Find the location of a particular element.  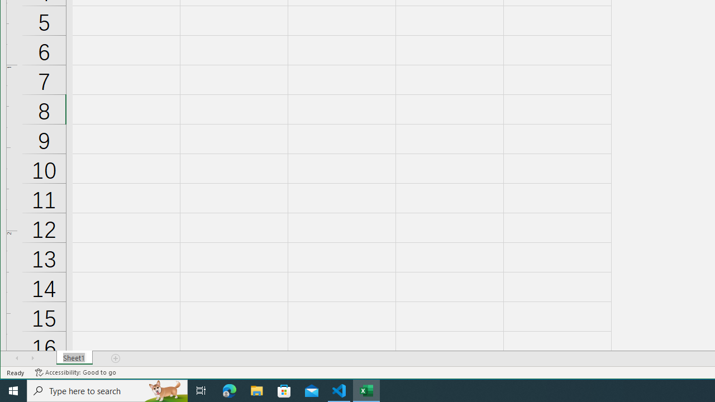

'Microsoft Store' is located at coordinates (284, 390).